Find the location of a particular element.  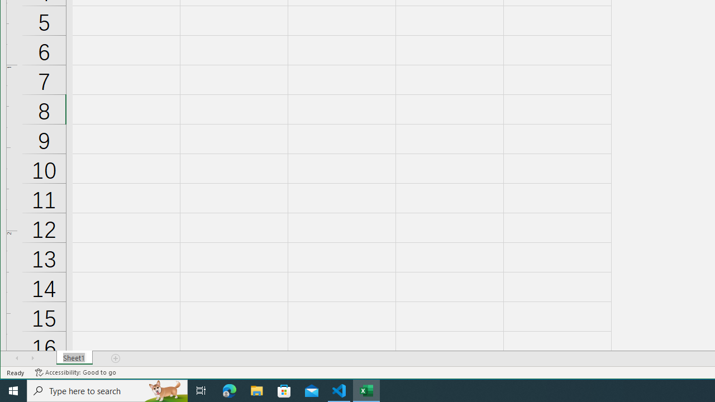

'Microsoft Store' is located at coordinates (284, 390).